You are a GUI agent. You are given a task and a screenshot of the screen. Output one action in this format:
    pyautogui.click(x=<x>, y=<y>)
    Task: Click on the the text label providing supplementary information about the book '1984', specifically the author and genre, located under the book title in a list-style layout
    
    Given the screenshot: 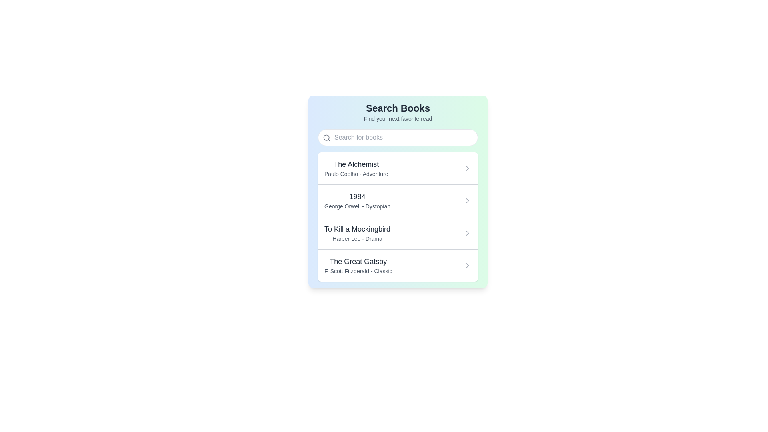 What is the action you would take?
    pyautogui.click(x=357, y=206)
    